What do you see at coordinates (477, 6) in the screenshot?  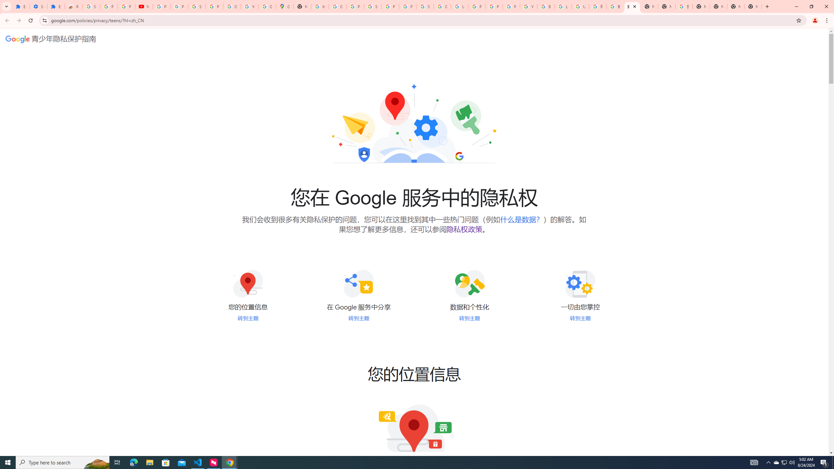 I see `'Privacy Help Center - Policies Help'` at bounding box center [477, 6].